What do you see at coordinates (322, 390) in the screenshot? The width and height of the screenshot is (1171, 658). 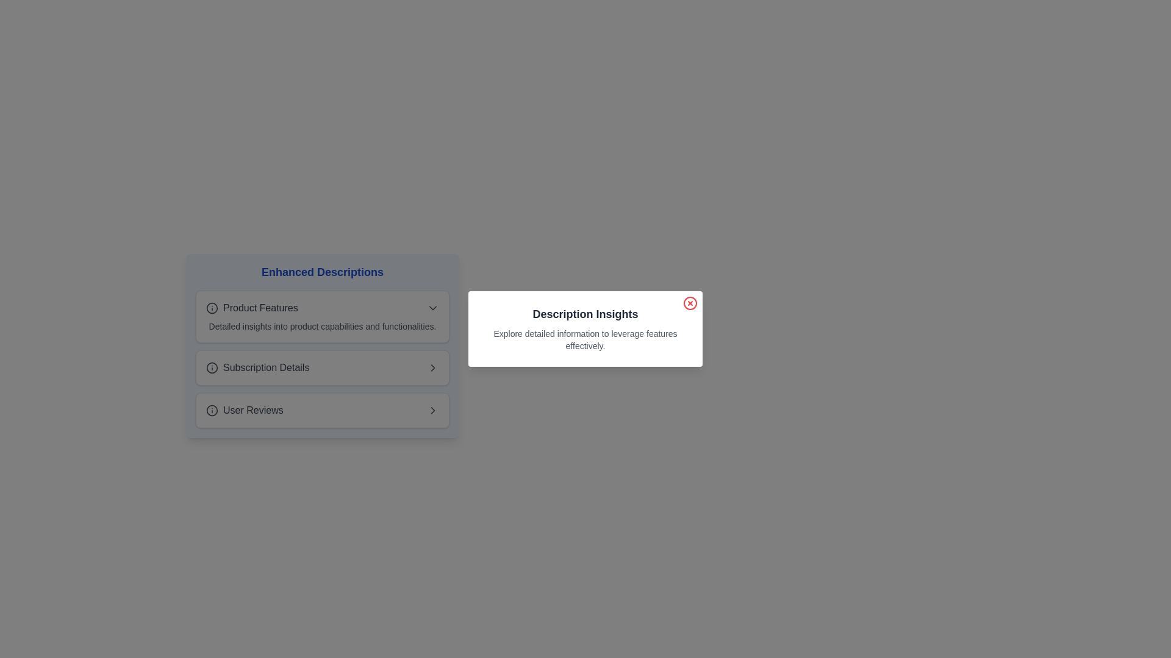 I see `the 'Subscription Details' card` at bounding box center [322, 390].